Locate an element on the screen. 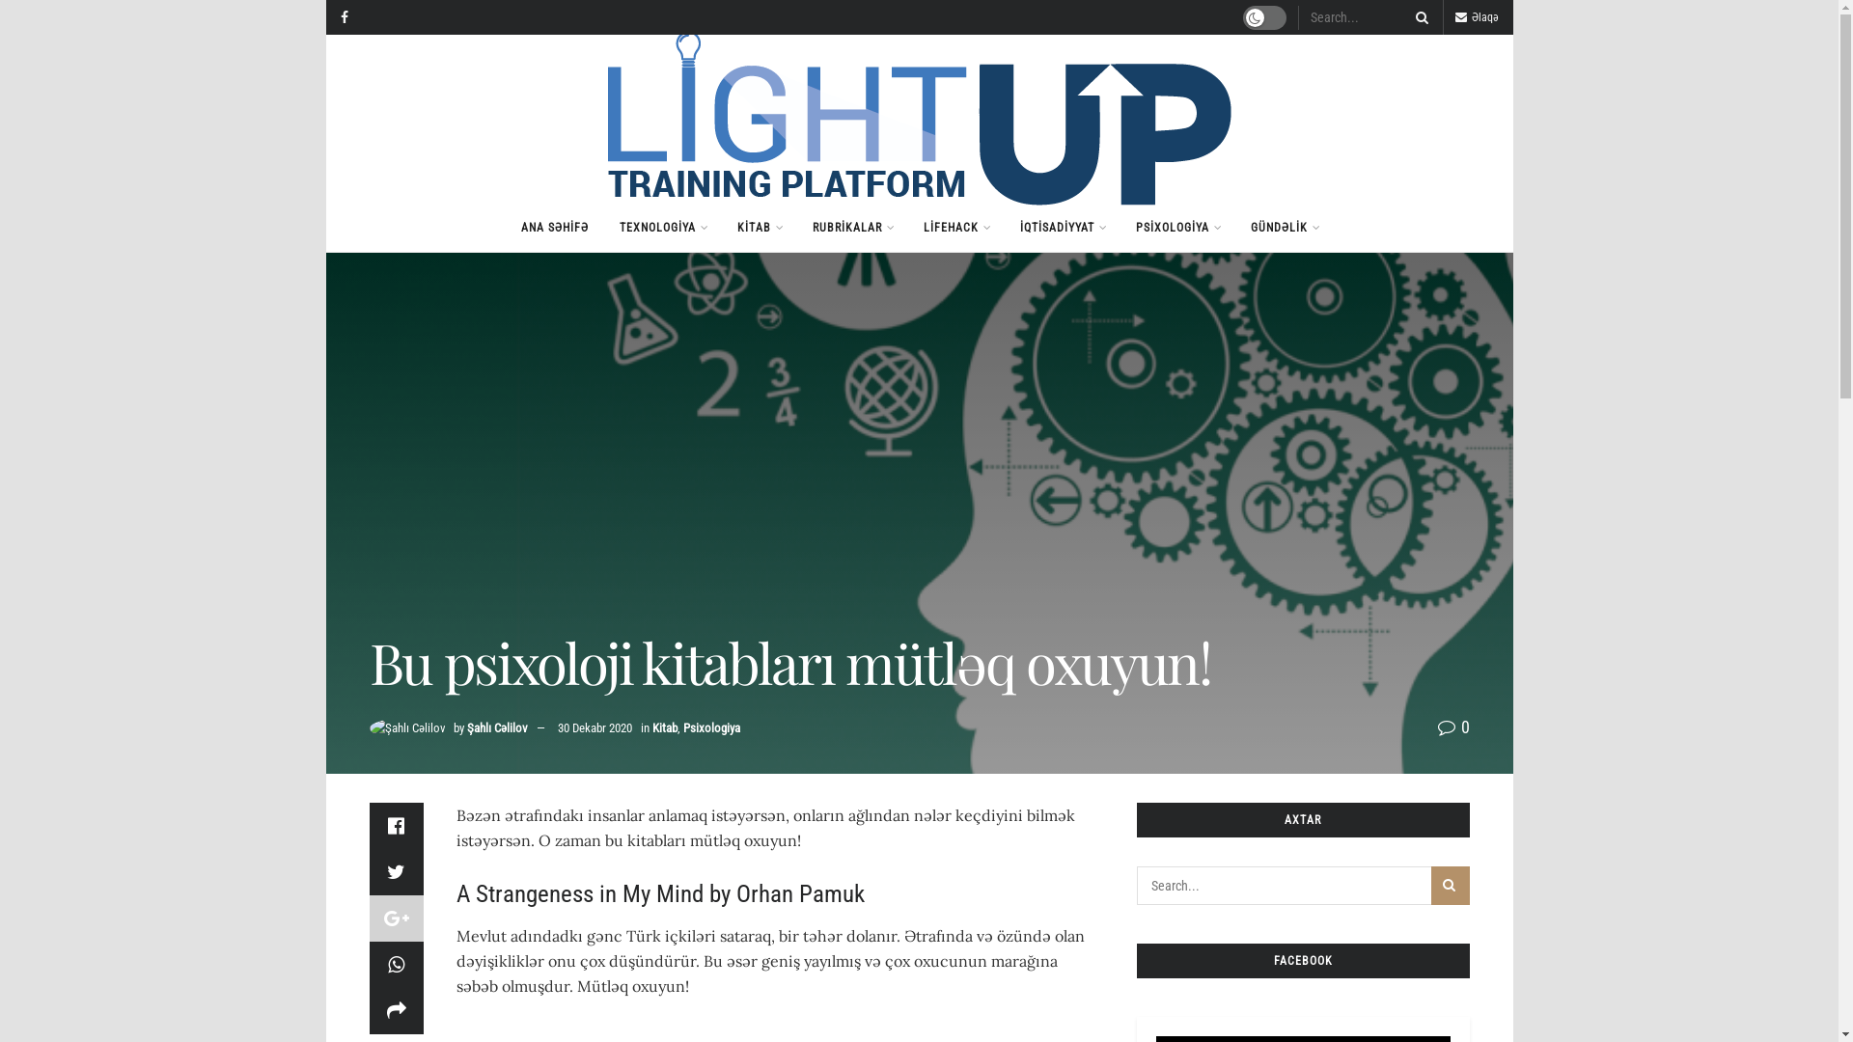 This screenshot has width=1853, height=1042. 'Kitab' is located at coordinates (665, 727).